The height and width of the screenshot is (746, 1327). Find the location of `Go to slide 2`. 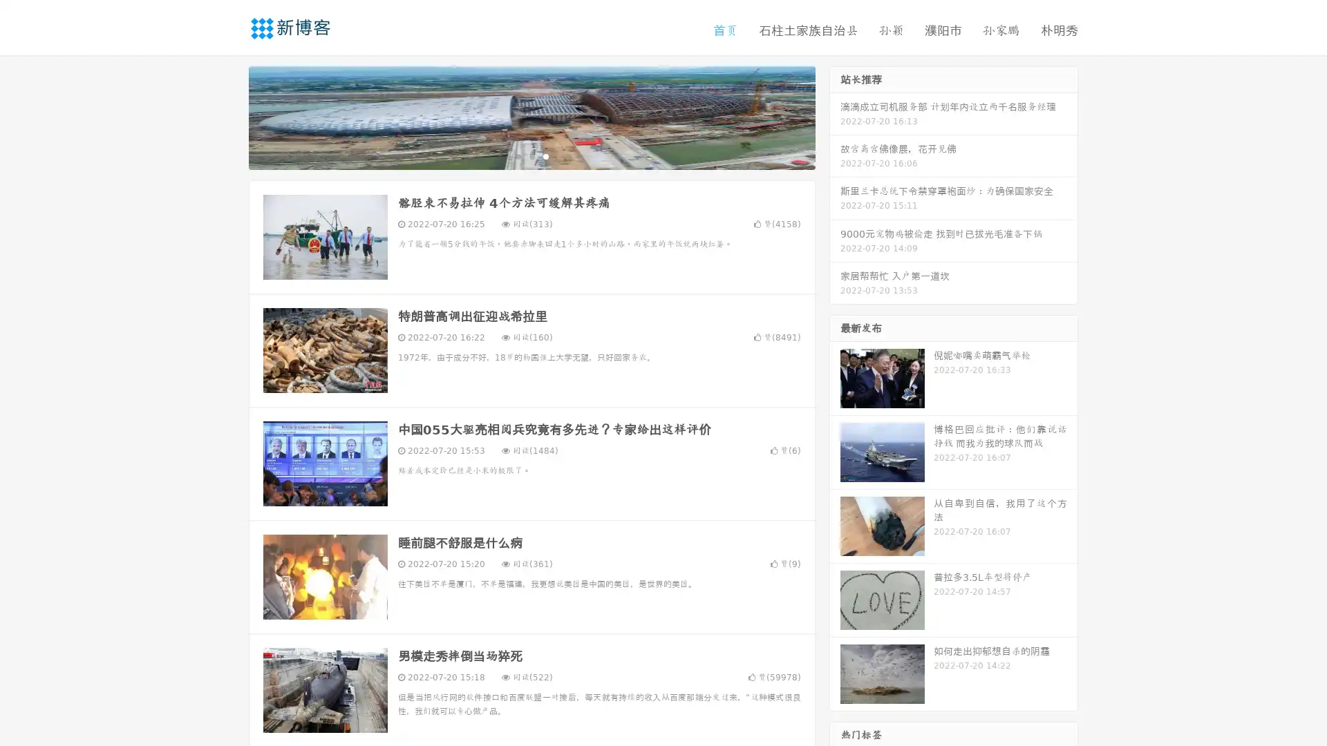

Go to slide 2 is located at coordinates (531, 155).